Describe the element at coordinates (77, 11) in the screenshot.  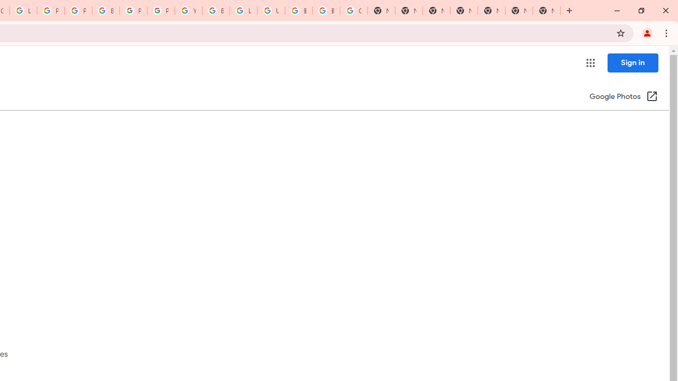
I see `'Privacy Help Center - Policies Help'` at that location.